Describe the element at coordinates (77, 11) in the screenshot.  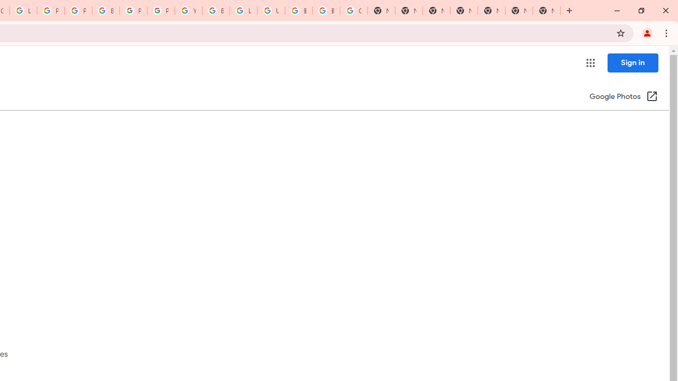
I see `'Privacy Help Center - Policies Help'` at that location.